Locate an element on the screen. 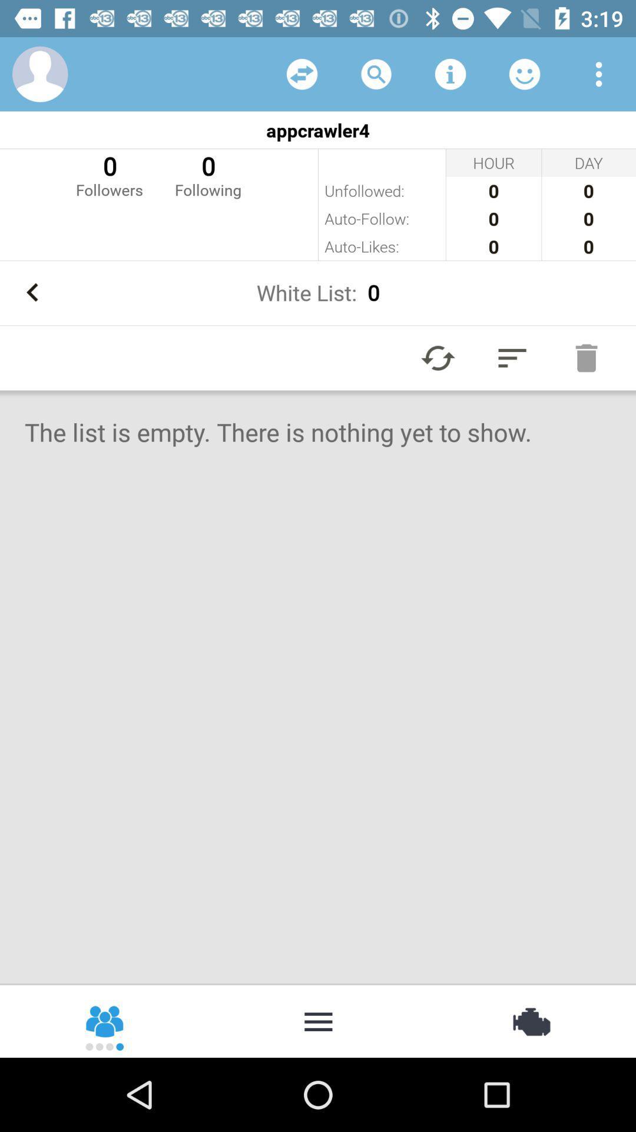 The height and width of the screenshot is (1132, 636). your account is located at coordinates (39, 73).